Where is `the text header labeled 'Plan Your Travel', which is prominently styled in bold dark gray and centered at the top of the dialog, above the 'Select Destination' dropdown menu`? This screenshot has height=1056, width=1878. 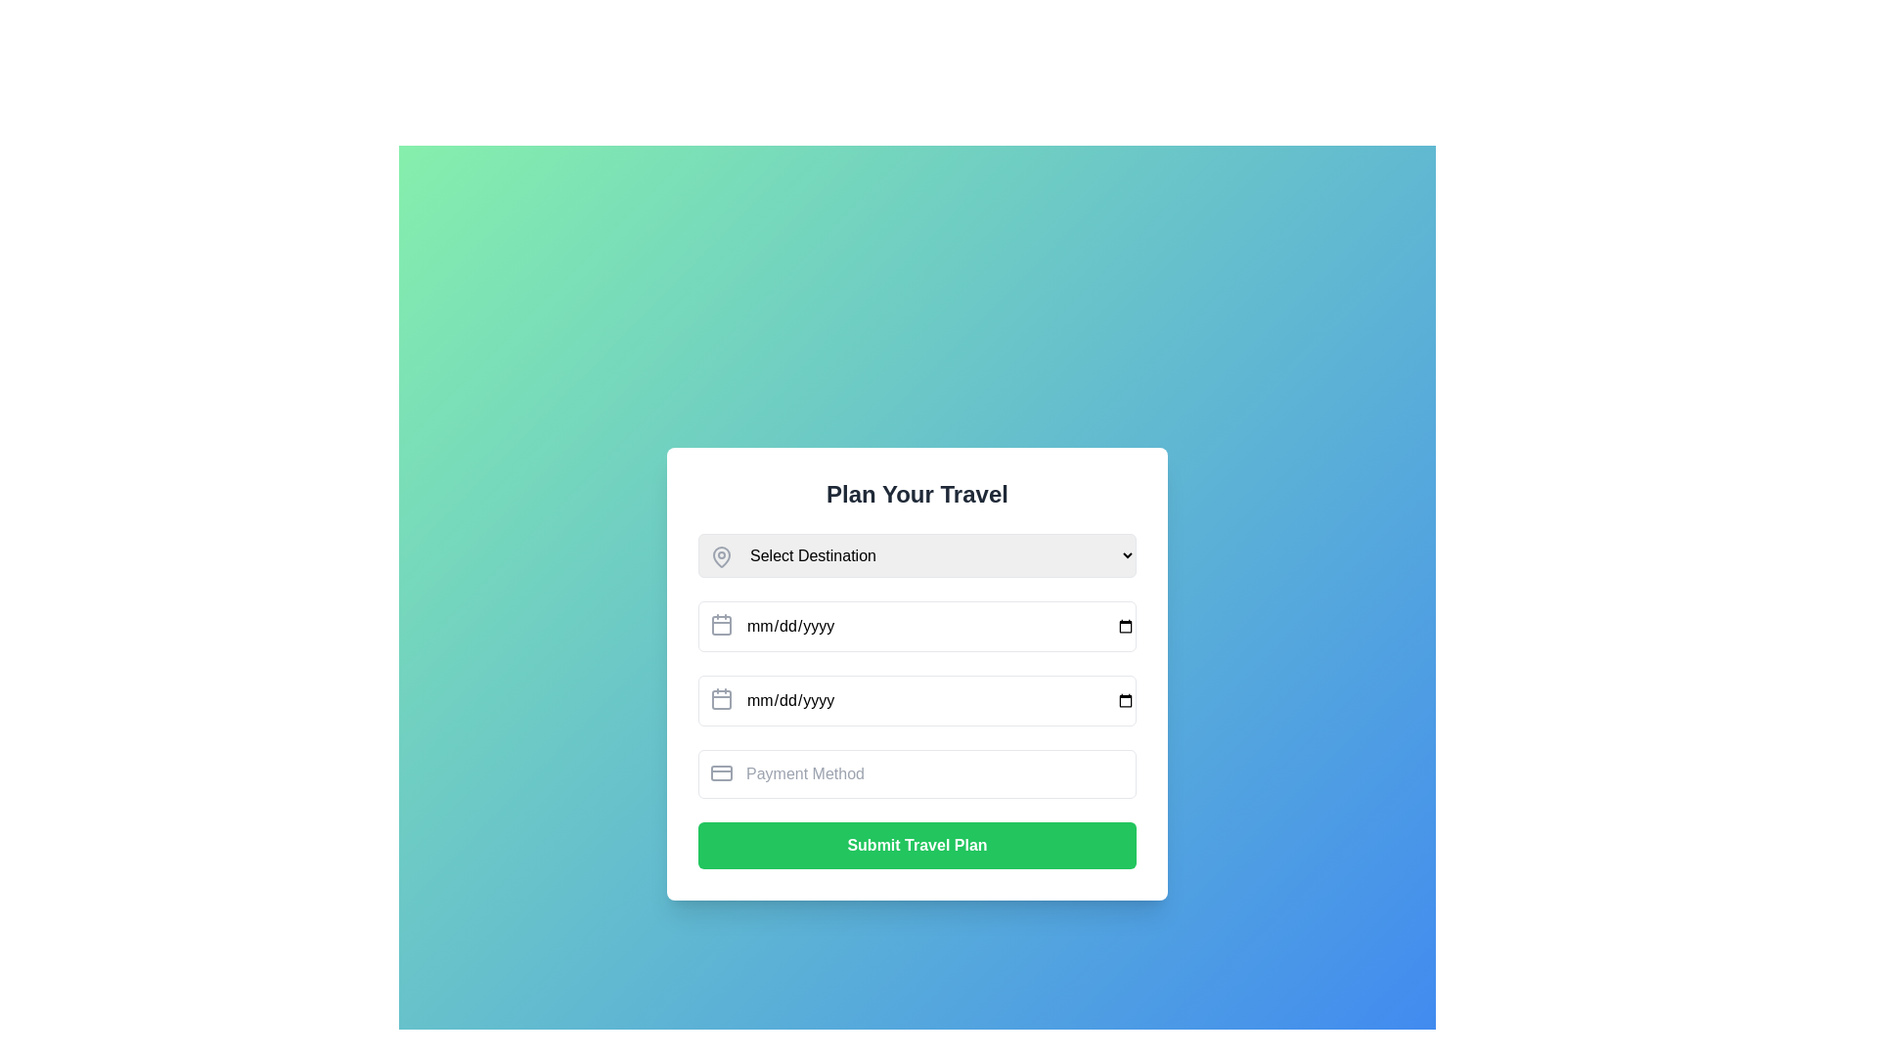
the text header labeled 'Plan Your Travel', which is prominently styled in bold dark gray and centered at the top of the dialog, above the 'Select Destination' dropdown menu is located at coordinates (916, 493).